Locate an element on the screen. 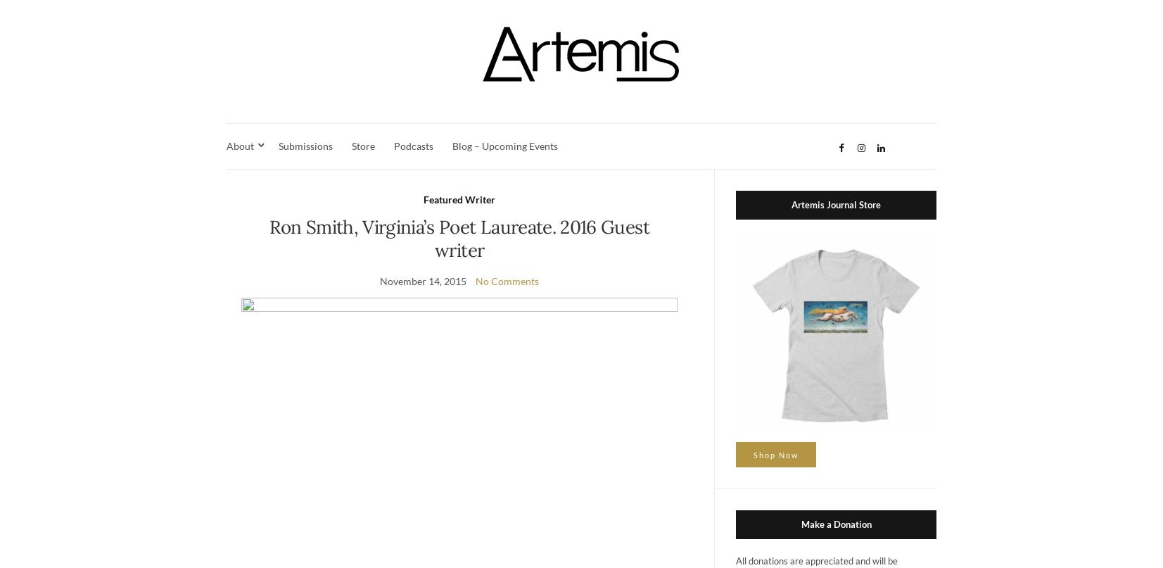 Image resolution: width=1163 pixels, height=568 pixels. 'Artemis Journal Store' is located at coordinates (836, 203).